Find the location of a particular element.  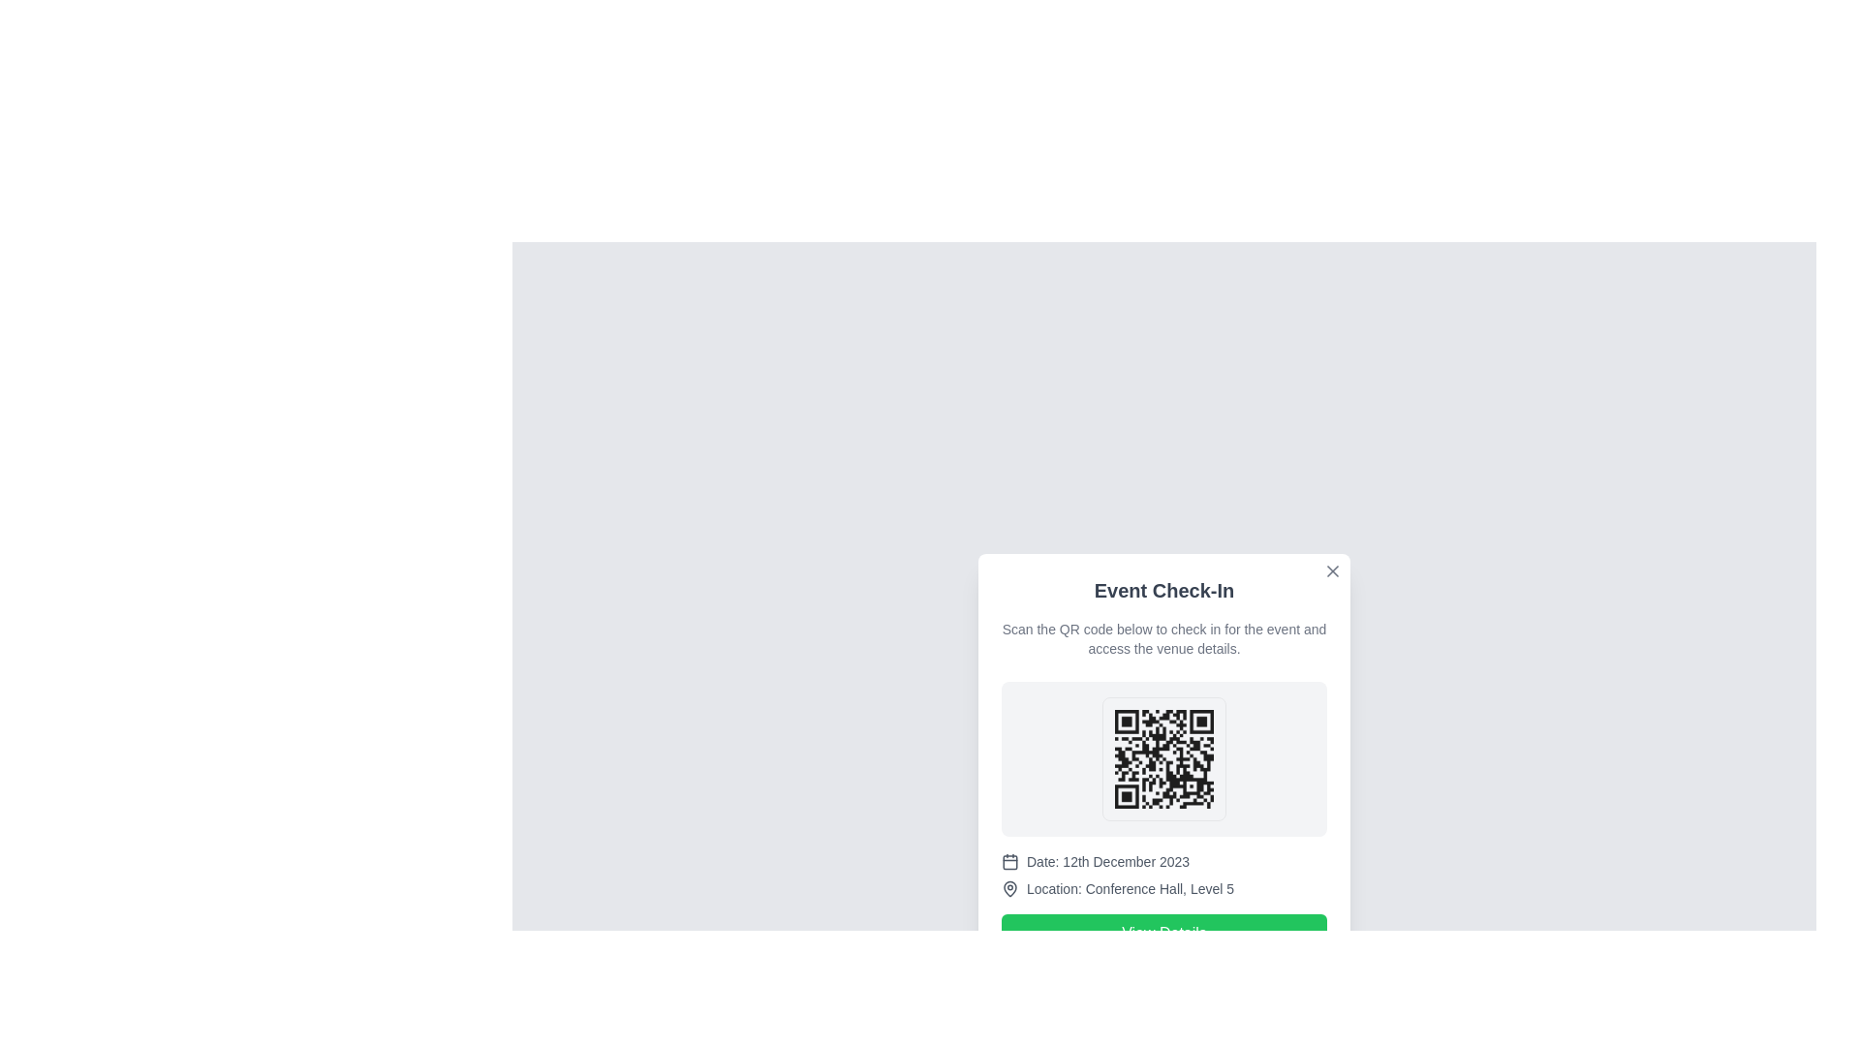

the location pin icon, which is styled with rounded edges and a hollow middle, located in the modal displaying event details, next to the text 'Location: Conference Hall, Level 5' is located at coordinates (1008, 888).